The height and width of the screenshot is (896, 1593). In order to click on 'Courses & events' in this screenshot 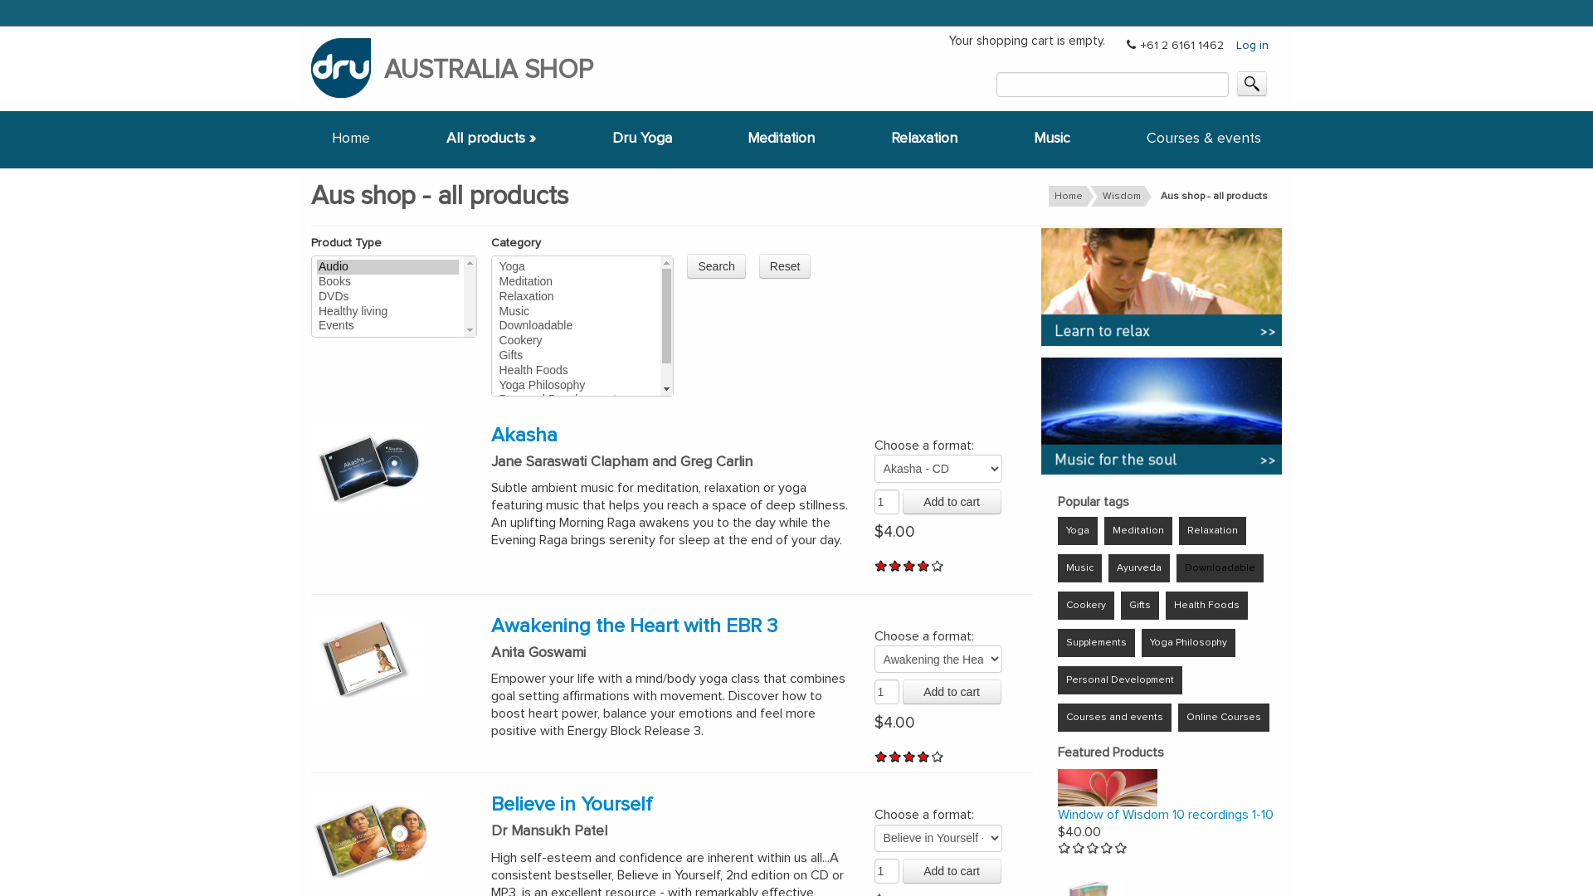, I will do `click(1203, 135)`.